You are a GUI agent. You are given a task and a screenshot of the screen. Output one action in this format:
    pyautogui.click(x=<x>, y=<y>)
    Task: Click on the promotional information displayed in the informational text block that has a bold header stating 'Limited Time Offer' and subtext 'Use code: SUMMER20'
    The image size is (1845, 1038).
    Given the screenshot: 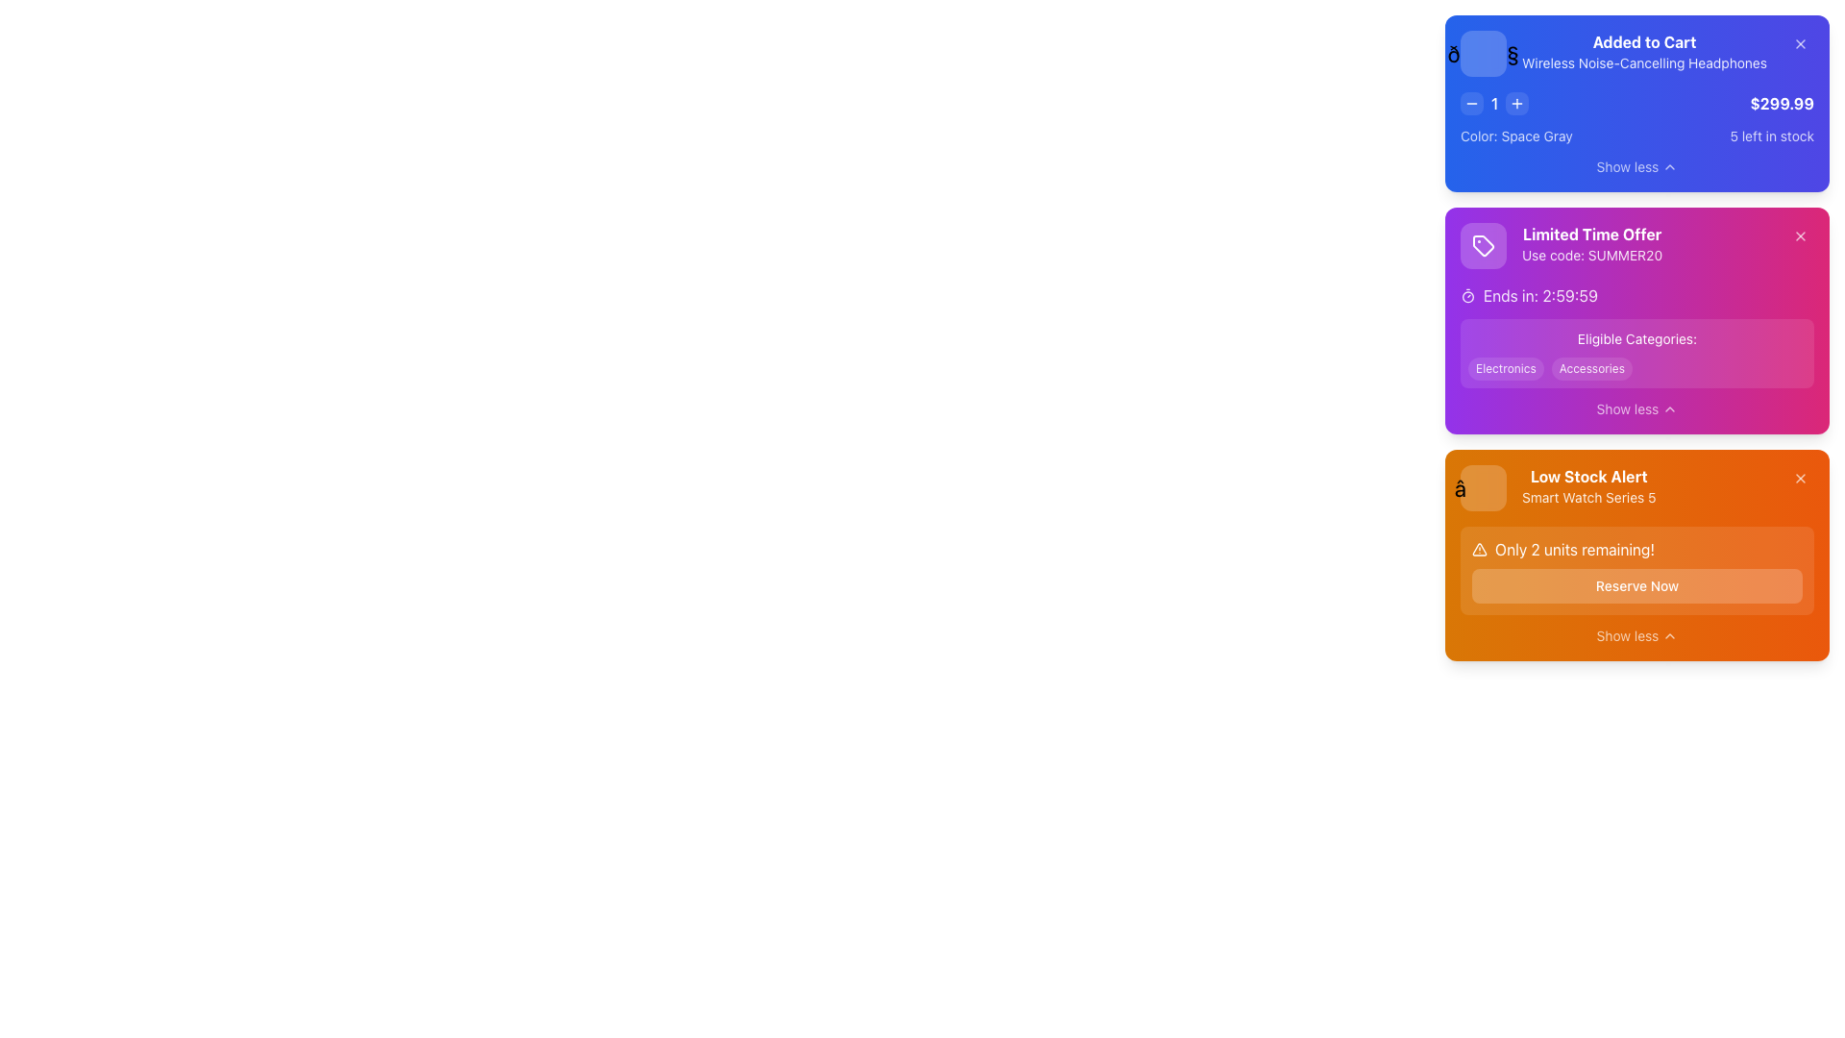 What is the action you would take?
    pyautogui.click(x=1592, y=244)
    